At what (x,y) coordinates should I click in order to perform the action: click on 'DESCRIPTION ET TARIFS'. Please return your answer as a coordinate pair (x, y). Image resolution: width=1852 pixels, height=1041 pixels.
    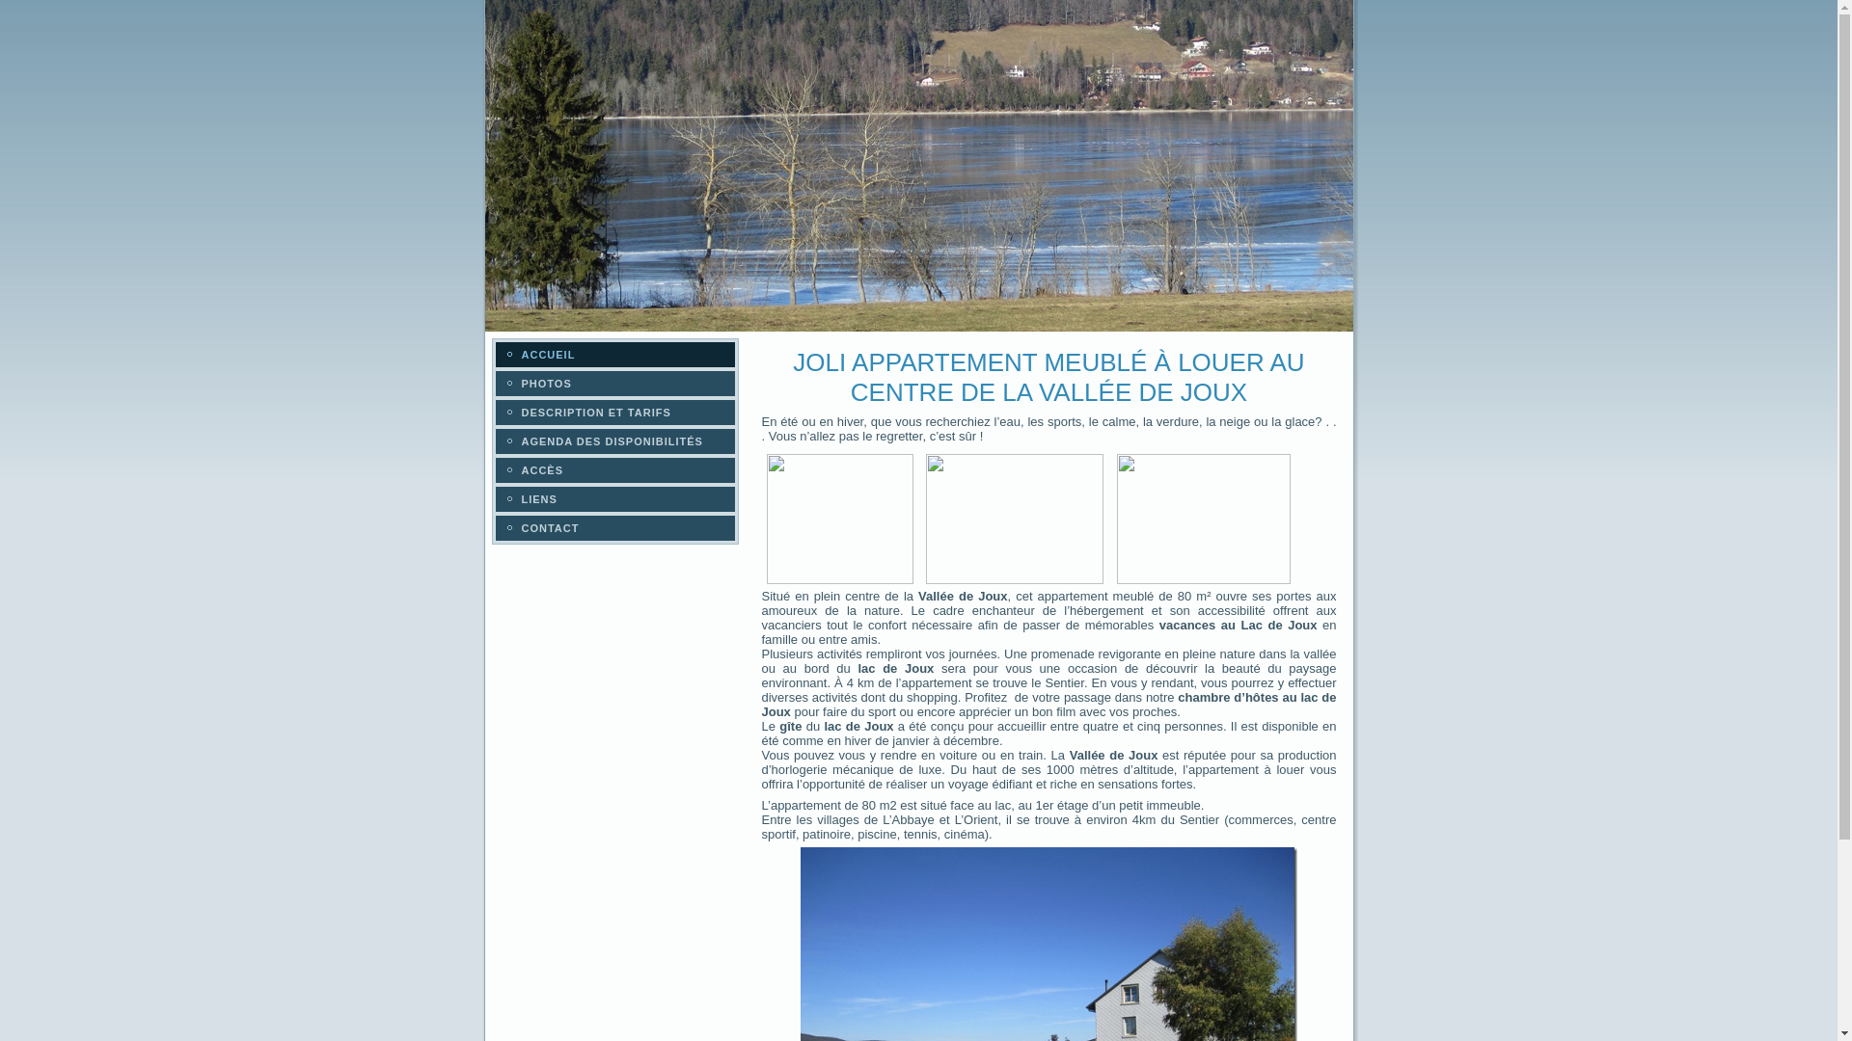
    Looking at the image, I should click on (614, 412).